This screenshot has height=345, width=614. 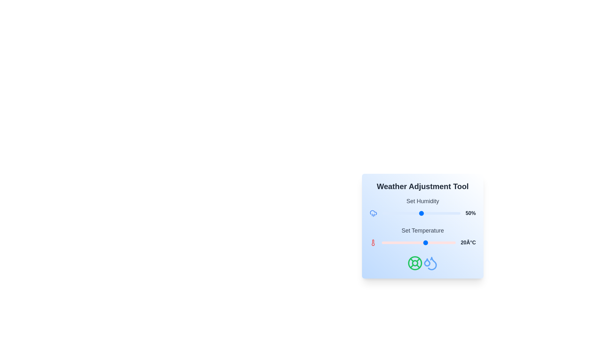 I want to click on the temperature slider to set the temperature to 23°C, so click(x=430, y=242).